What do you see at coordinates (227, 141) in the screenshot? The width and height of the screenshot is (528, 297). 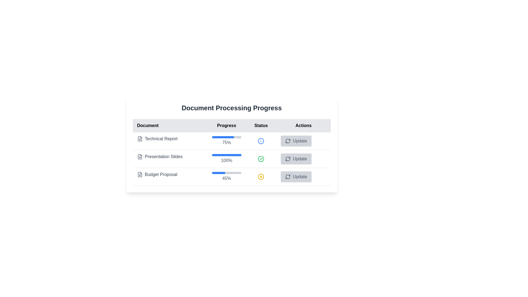 I see `the percentage label displaying '75%' in gray color, located below the progress bar in the 'Technical Report' row under the 'Progress' header` at bounding box center [227, 141].